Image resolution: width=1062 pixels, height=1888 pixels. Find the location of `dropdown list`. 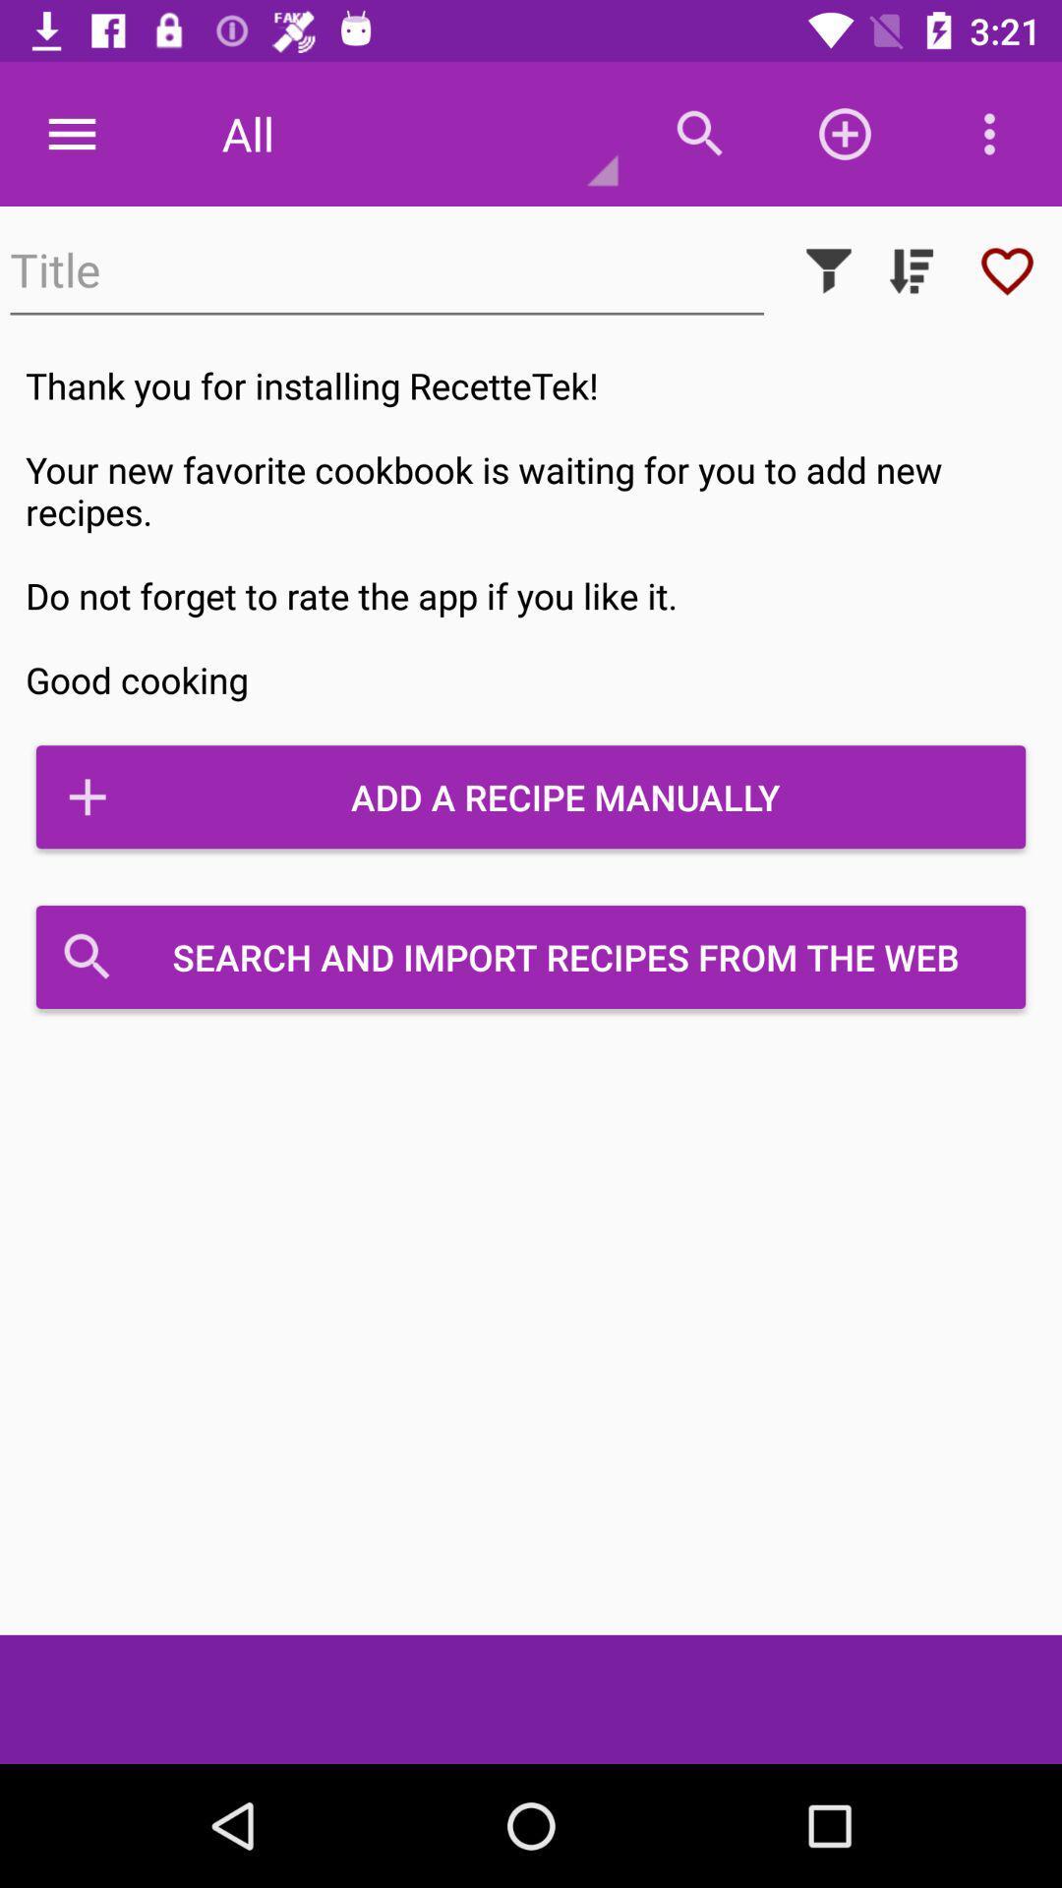

dropdown list is located at coordinates (911, 269).